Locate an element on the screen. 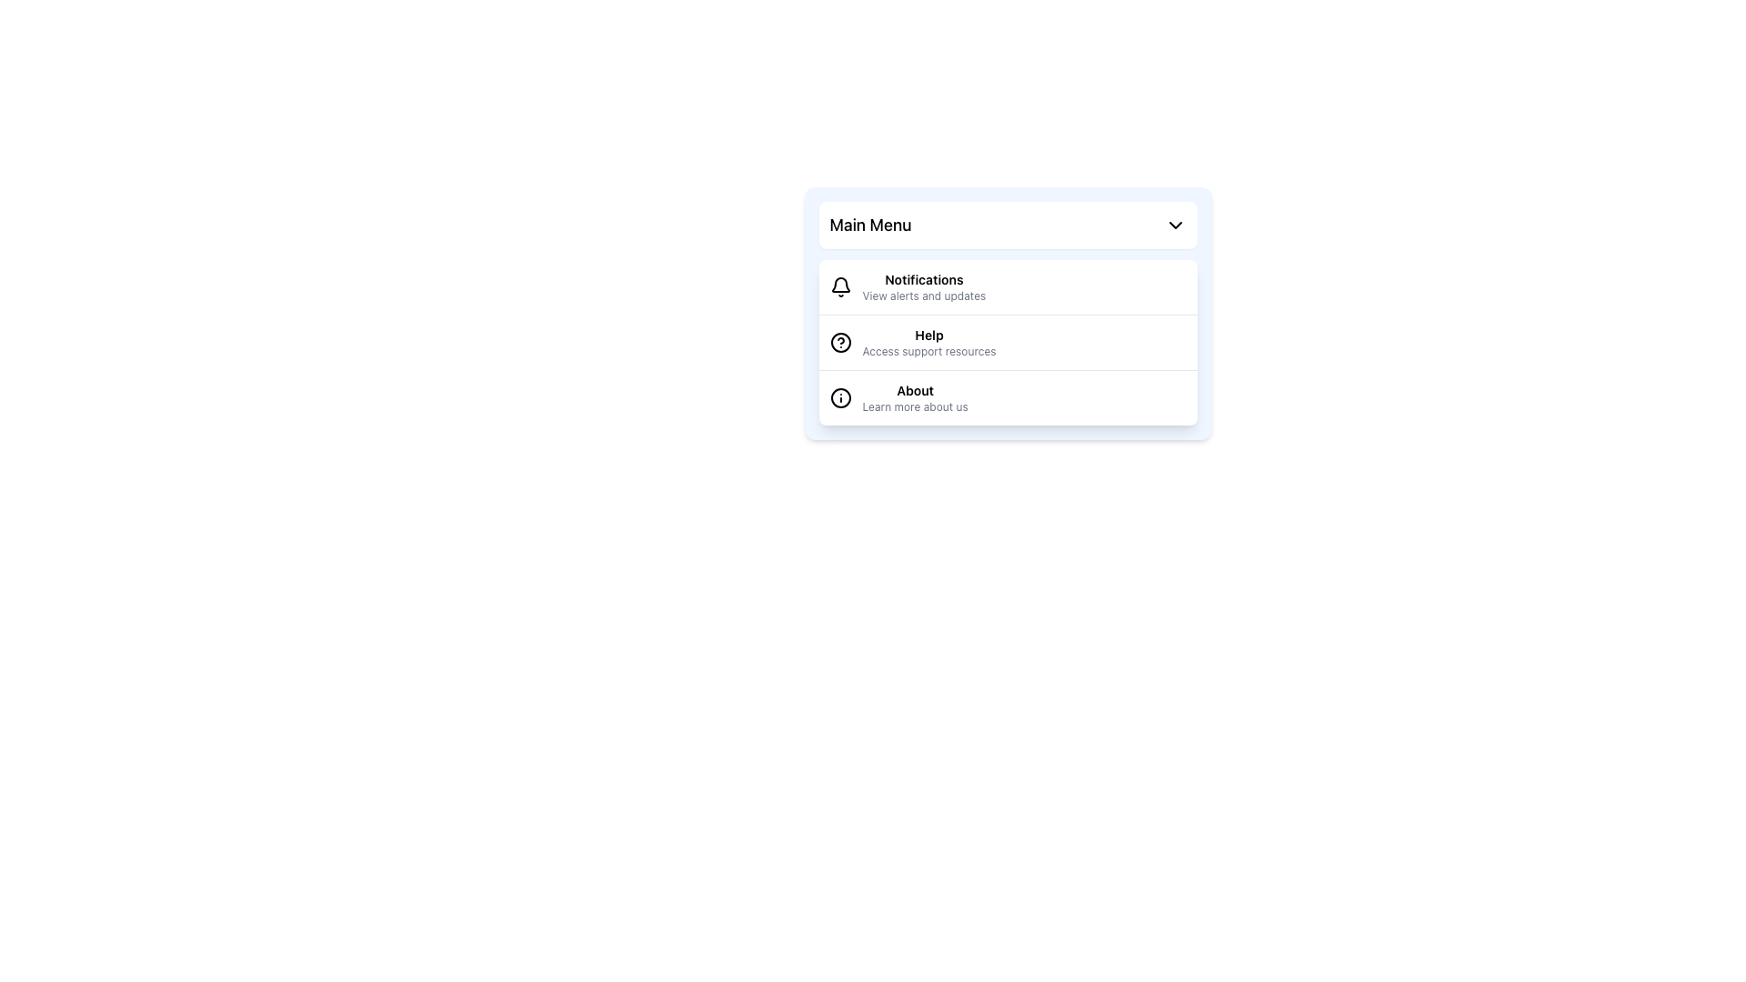  the downward-pointing chevron icon located in the top-right corner of the 'Main Menu' header is located at coordinates (1175, 224).